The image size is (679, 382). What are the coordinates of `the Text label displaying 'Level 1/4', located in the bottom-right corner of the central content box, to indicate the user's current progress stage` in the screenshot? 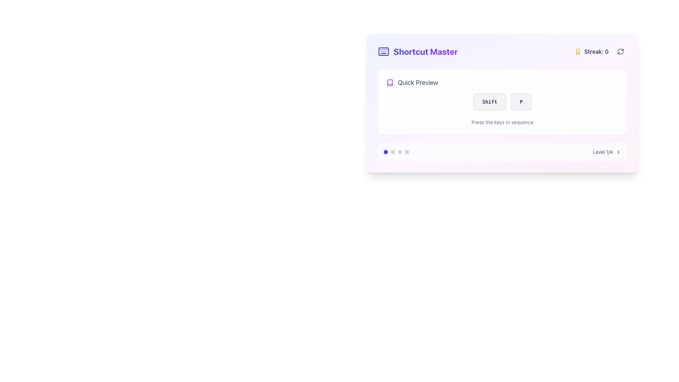 It's located at (602, 151).